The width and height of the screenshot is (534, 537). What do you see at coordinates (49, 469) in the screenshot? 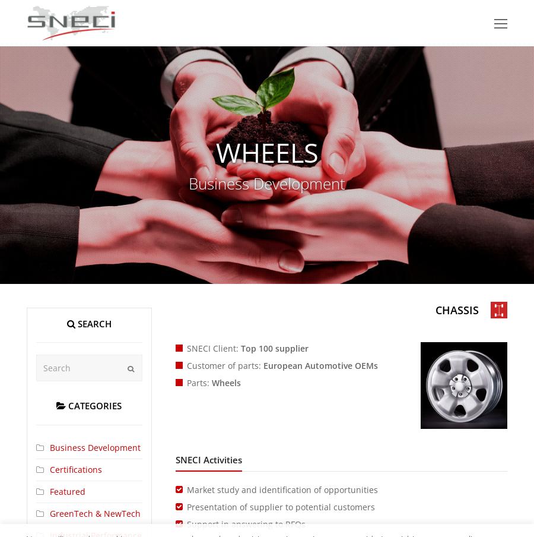
I see `'Certifications'` at bounding box center [49, 469].